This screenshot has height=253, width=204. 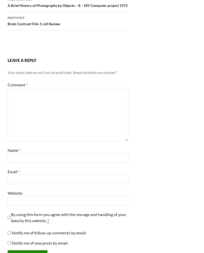 What do you see at coordinates (15, 193) in the screenshot?
I see `'Website'` at bounding box center [15, 193].